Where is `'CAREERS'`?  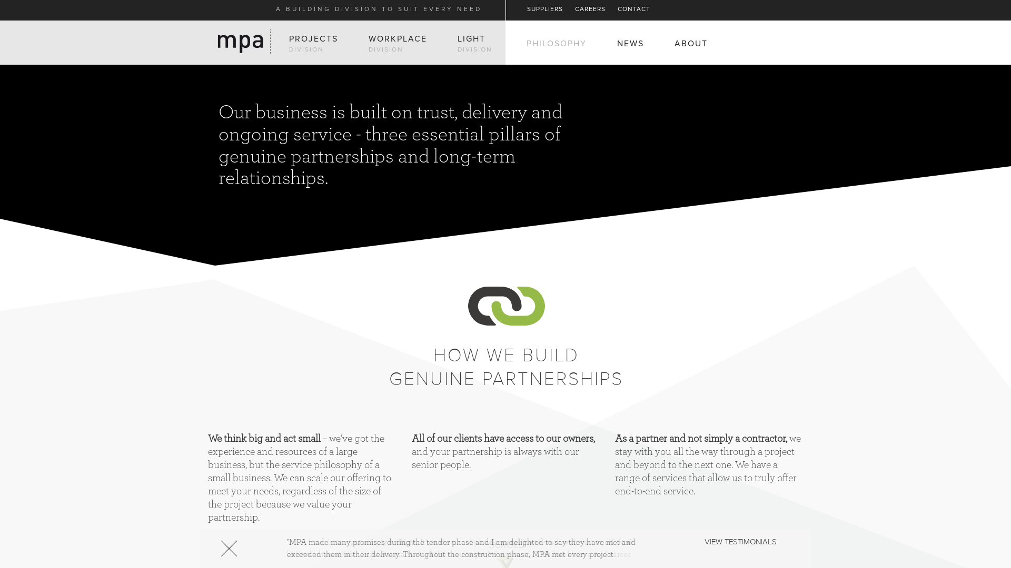 'CAREERS' is located at coordinates (590, 9).